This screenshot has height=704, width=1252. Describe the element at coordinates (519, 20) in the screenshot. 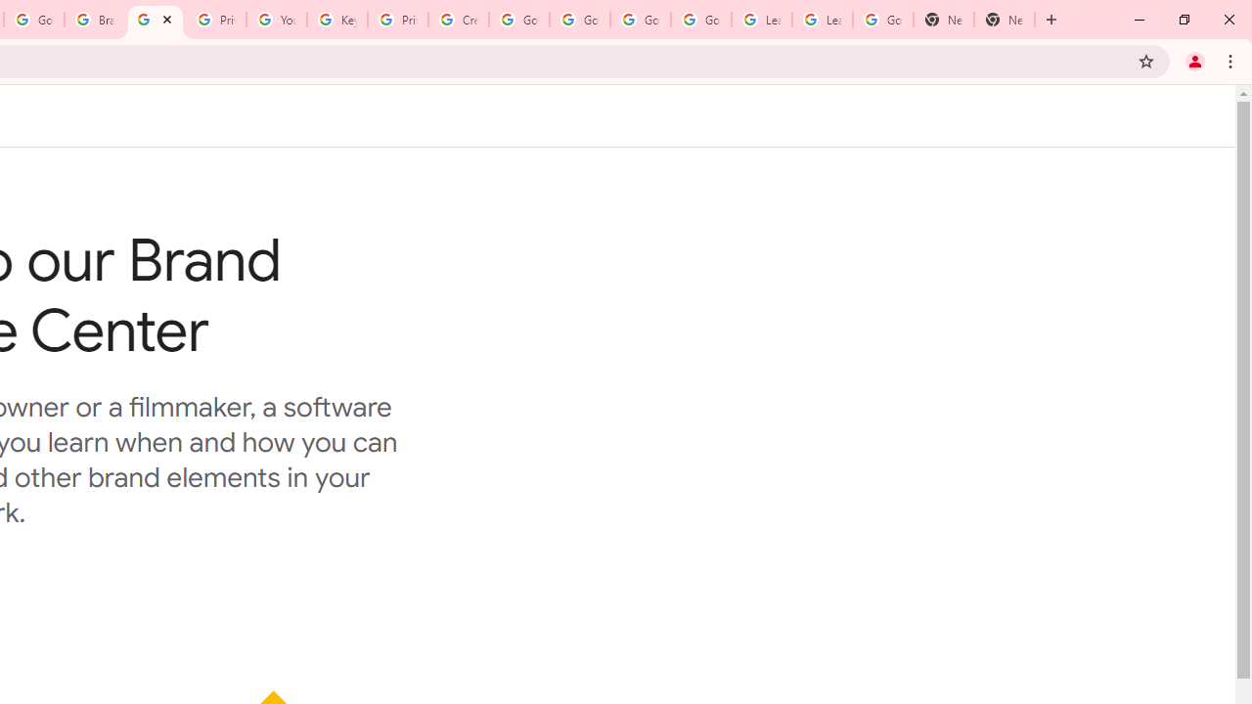

I see `'Google Account Help'` at that location.